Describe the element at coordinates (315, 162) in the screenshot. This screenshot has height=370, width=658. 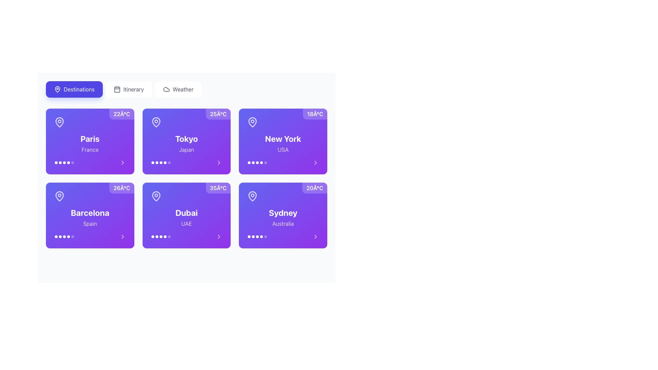
I see `the rightward-pointing arrow icon button located at the bottom right corner of the card titled 'New York'` at that location.